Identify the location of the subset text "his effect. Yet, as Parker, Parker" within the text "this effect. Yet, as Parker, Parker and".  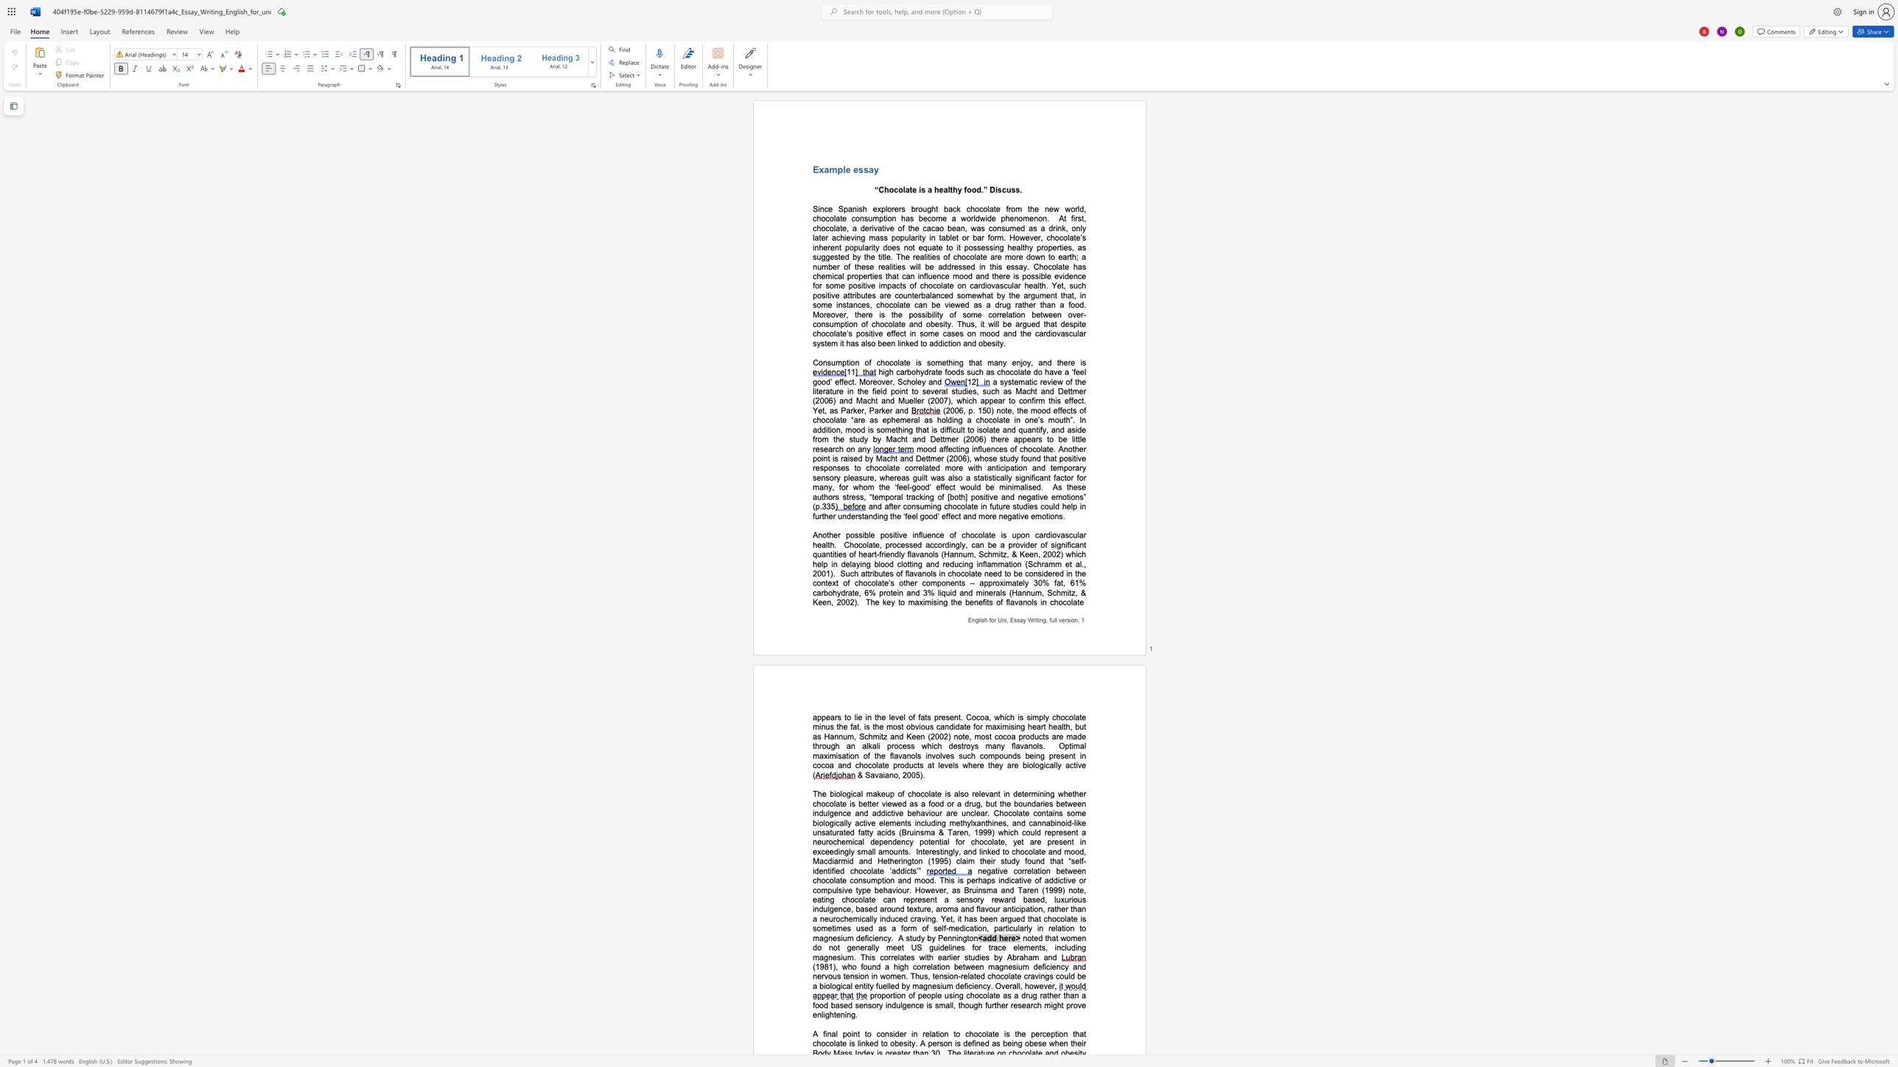
(1051, 400).